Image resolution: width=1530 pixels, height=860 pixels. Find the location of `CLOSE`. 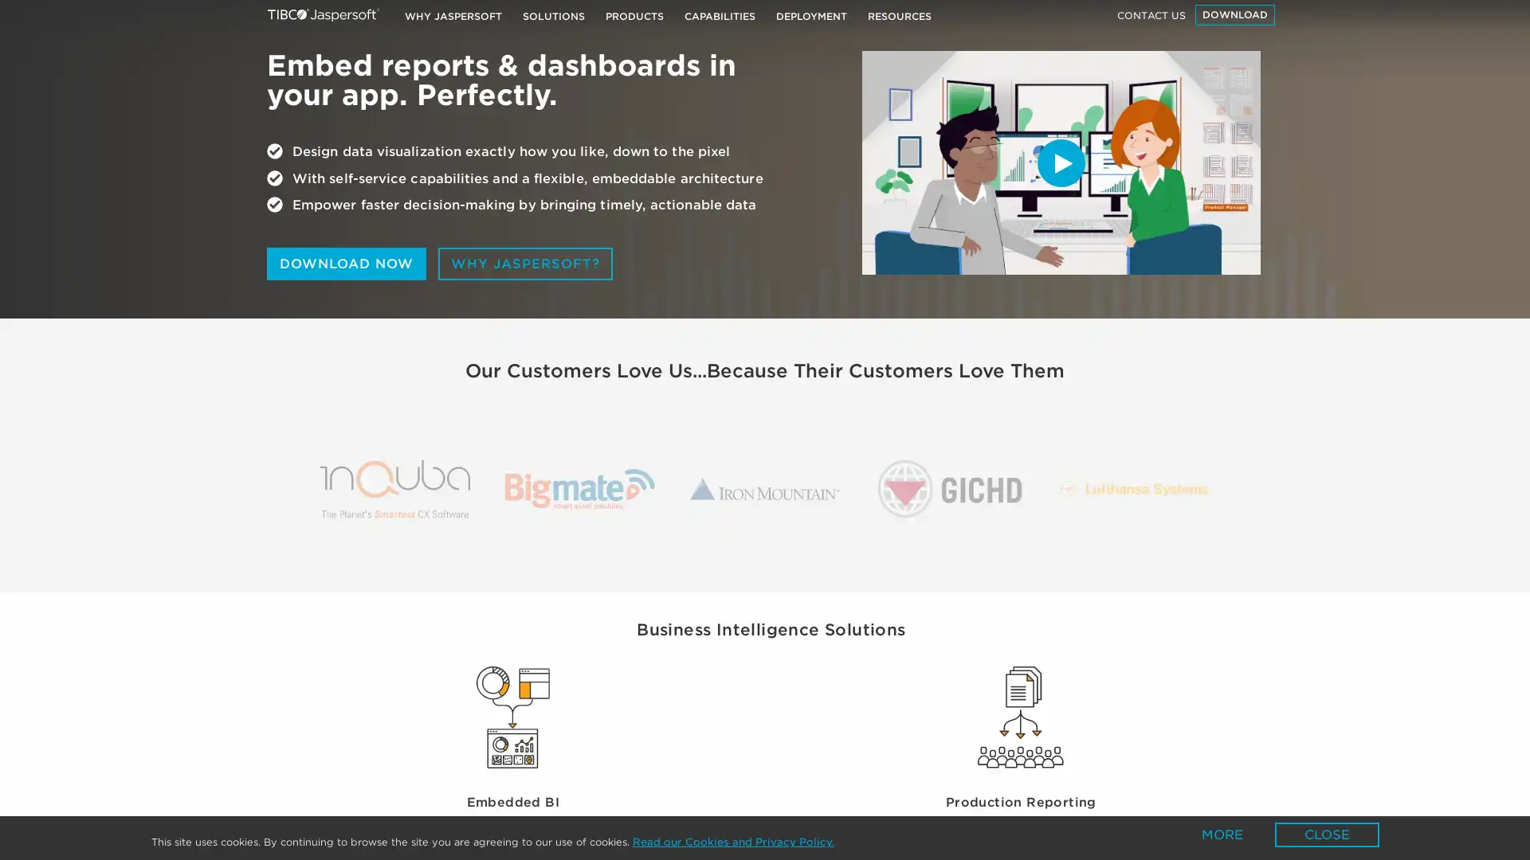

CLOSE is located at coordinates (1326, 834).